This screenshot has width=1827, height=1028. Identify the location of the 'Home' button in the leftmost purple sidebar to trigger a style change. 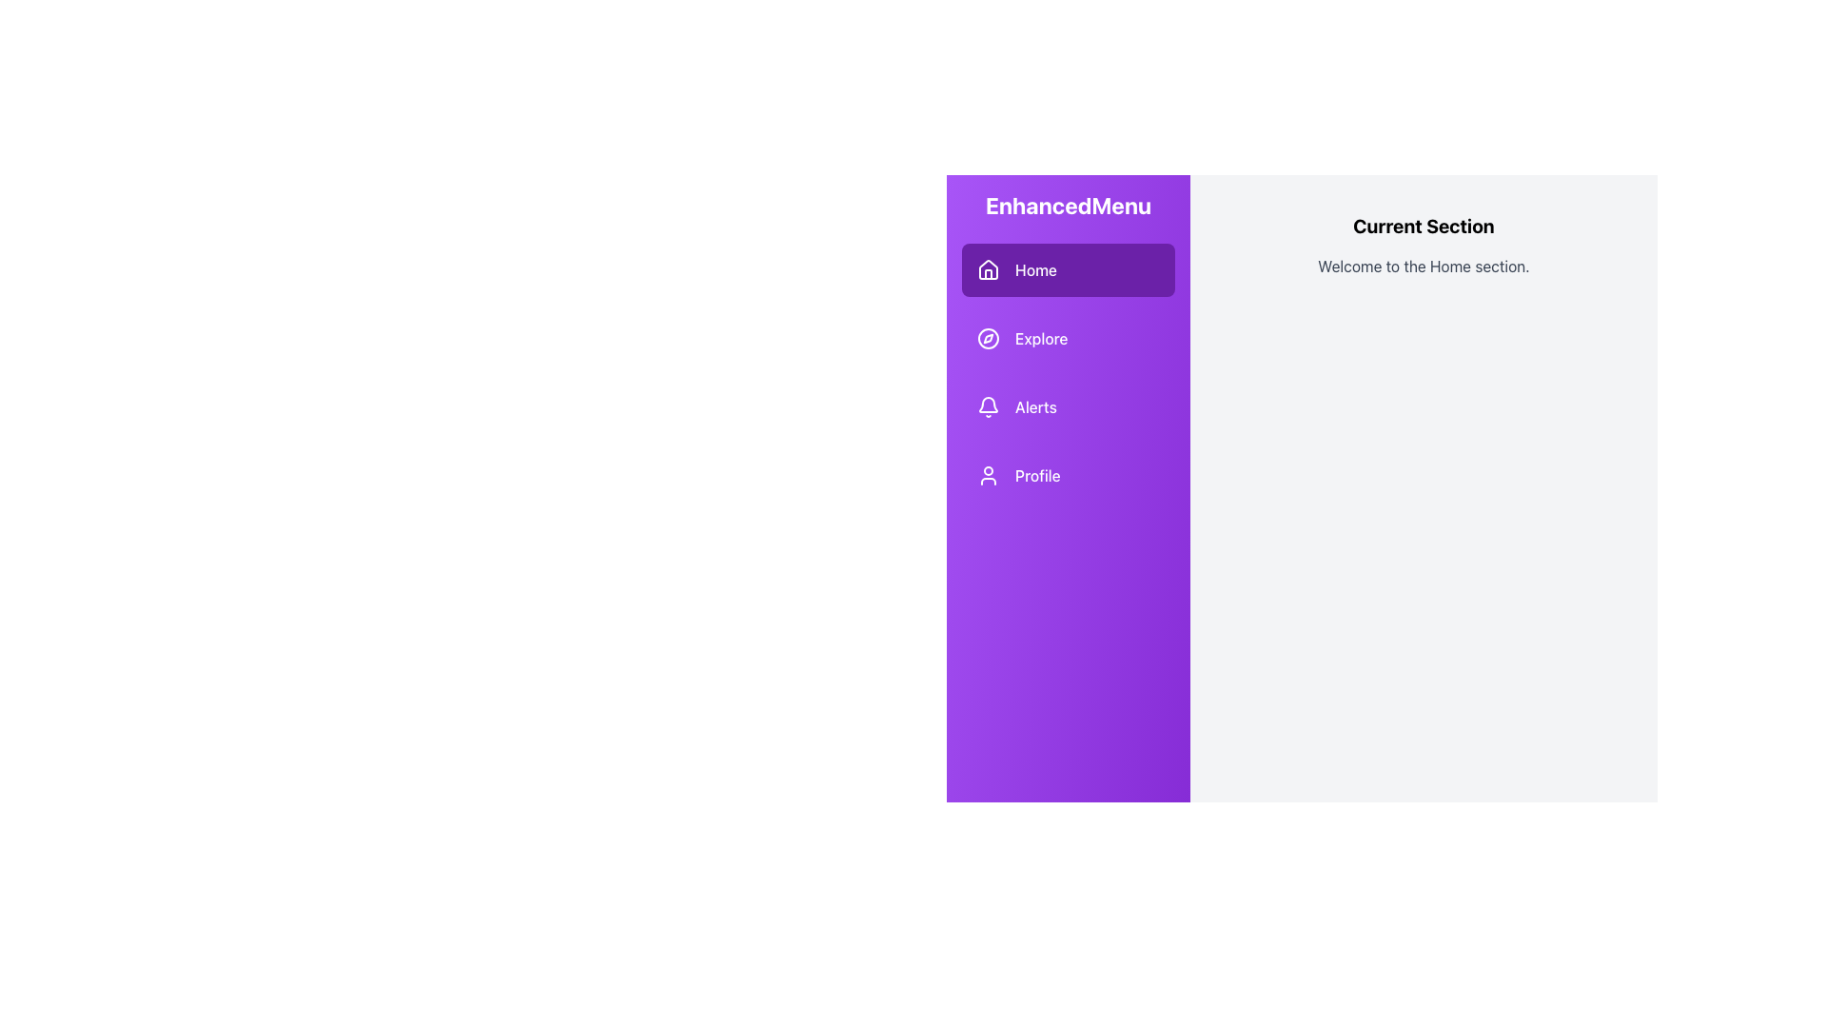
(1069, 270).